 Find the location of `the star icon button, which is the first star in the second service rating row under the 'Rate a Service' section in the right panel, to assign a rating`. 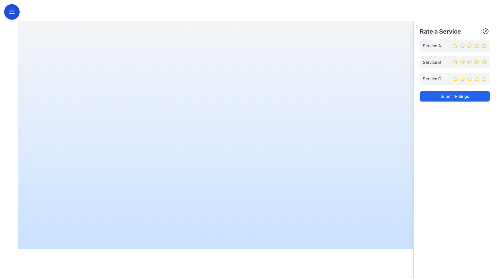

the star icon button, which is the first star in the second service rating row under the 'Rate a Service' section in the right panel, to assign a rating is located at coordinates (455, 62).